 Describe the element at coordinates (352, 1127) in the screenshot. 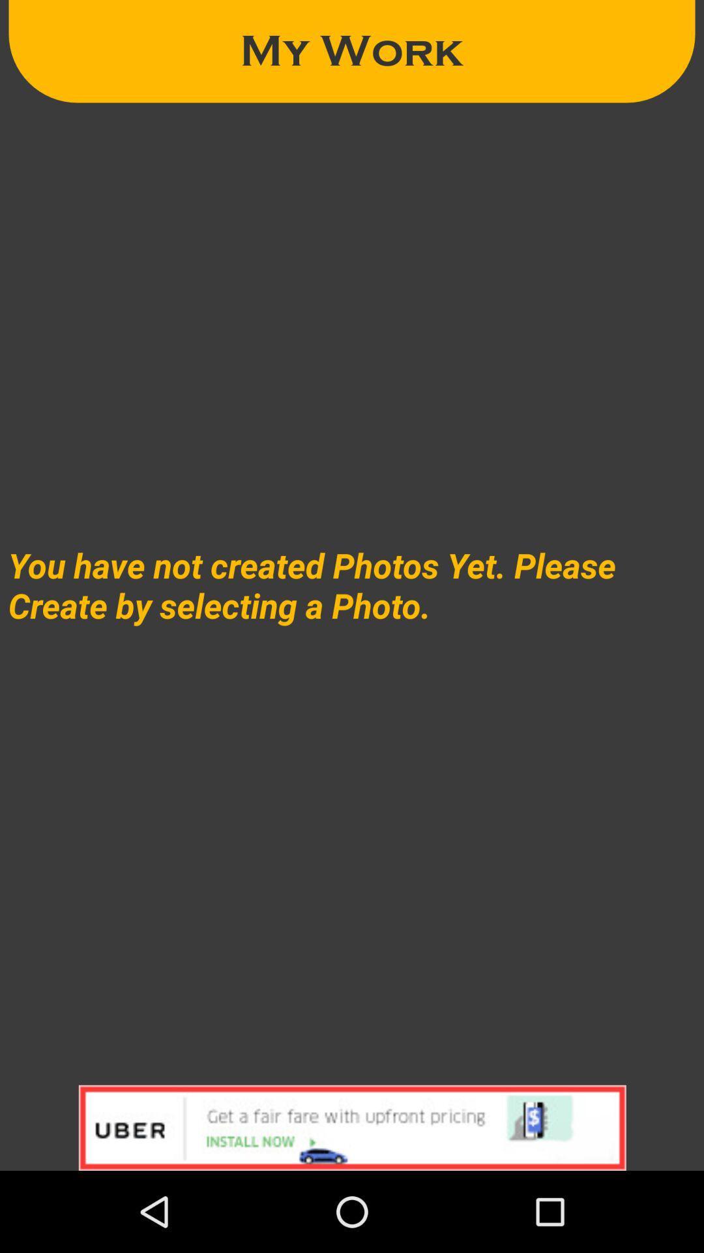

I see `the item at the bottom` at that location.